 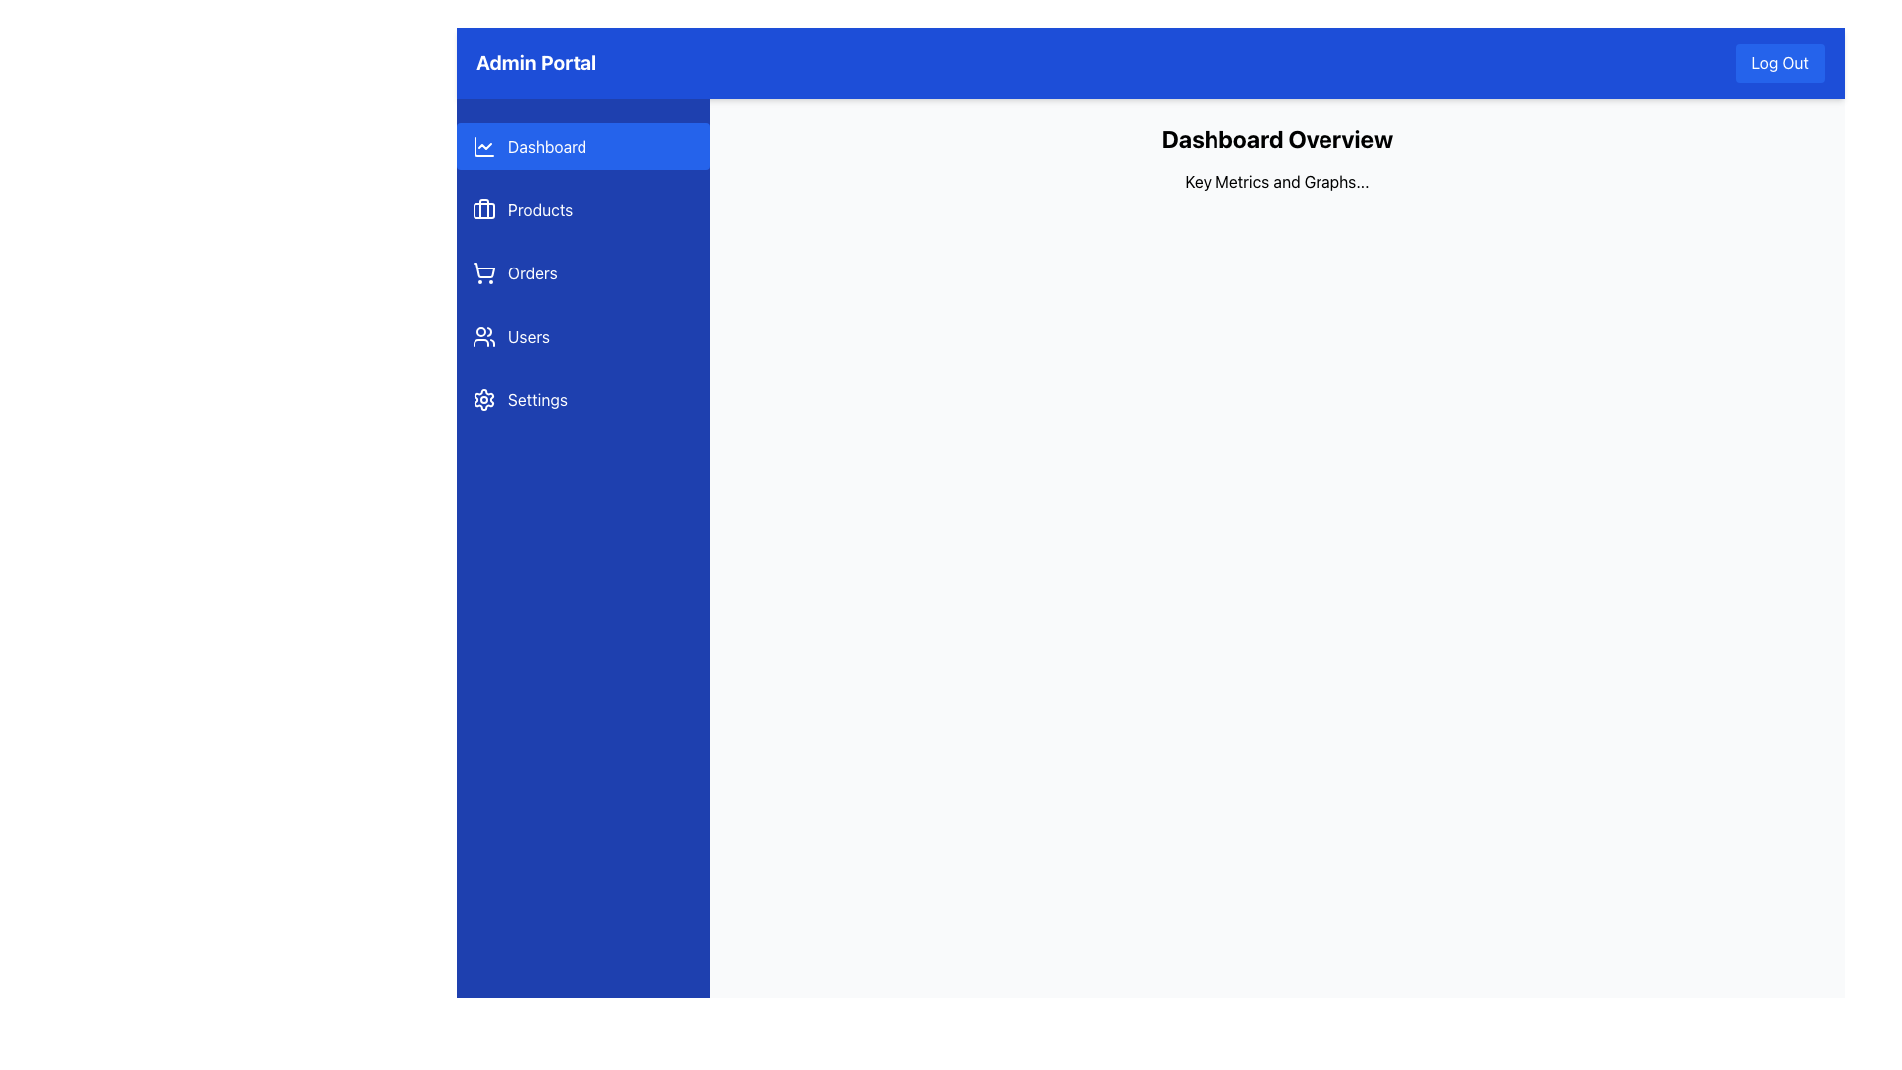 What do you see at coordinates (484, 400) in the screenshot?
I see `the cog icon in the left navigation bar labeled 'Settings'` at bounding box center [484, 400].